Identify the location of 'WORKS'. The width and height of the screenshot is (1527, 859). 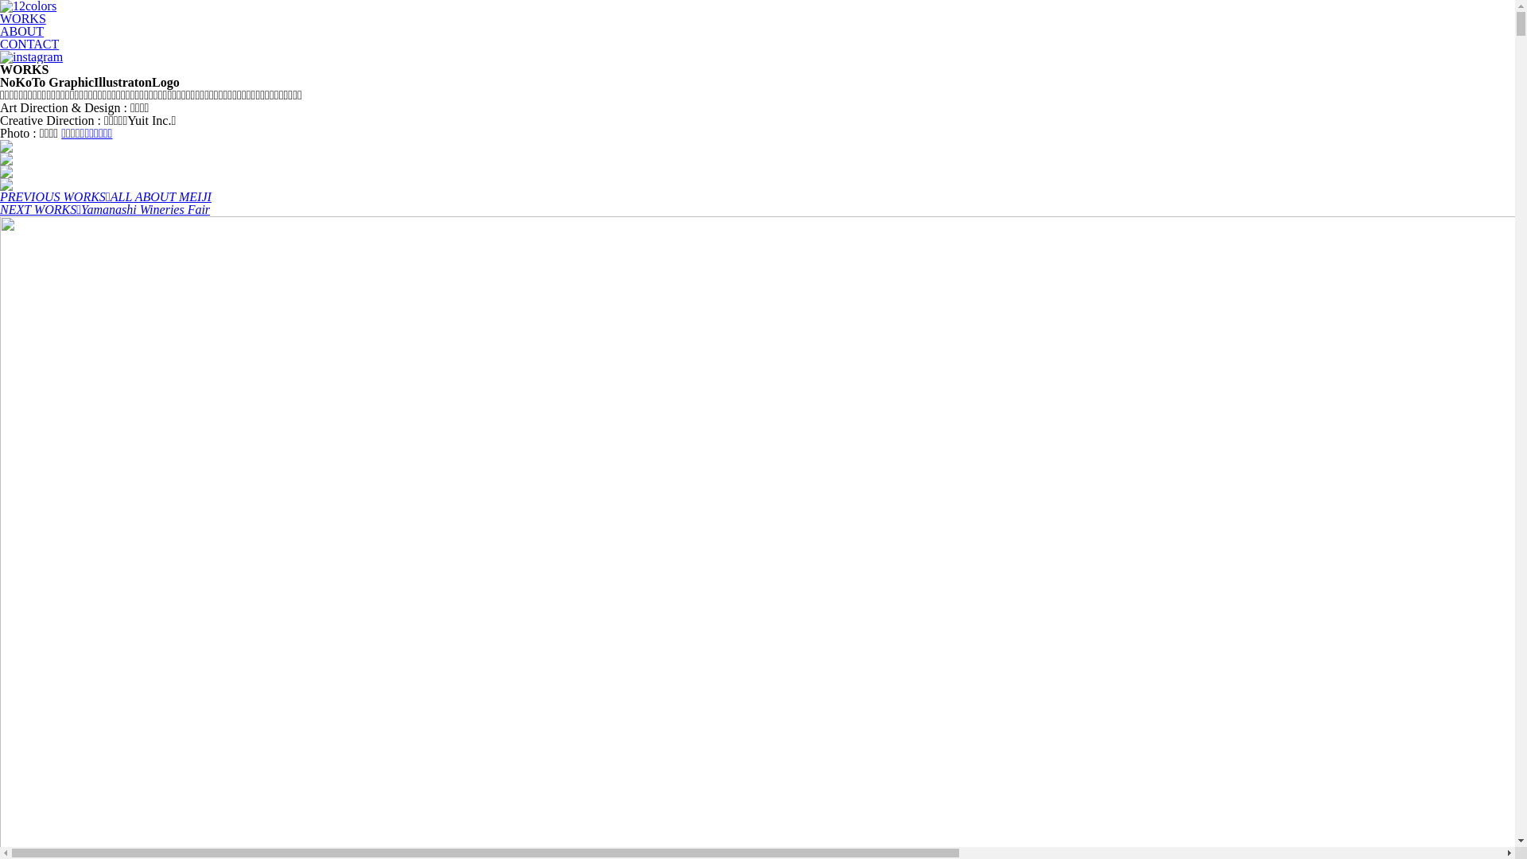
(0, 18).